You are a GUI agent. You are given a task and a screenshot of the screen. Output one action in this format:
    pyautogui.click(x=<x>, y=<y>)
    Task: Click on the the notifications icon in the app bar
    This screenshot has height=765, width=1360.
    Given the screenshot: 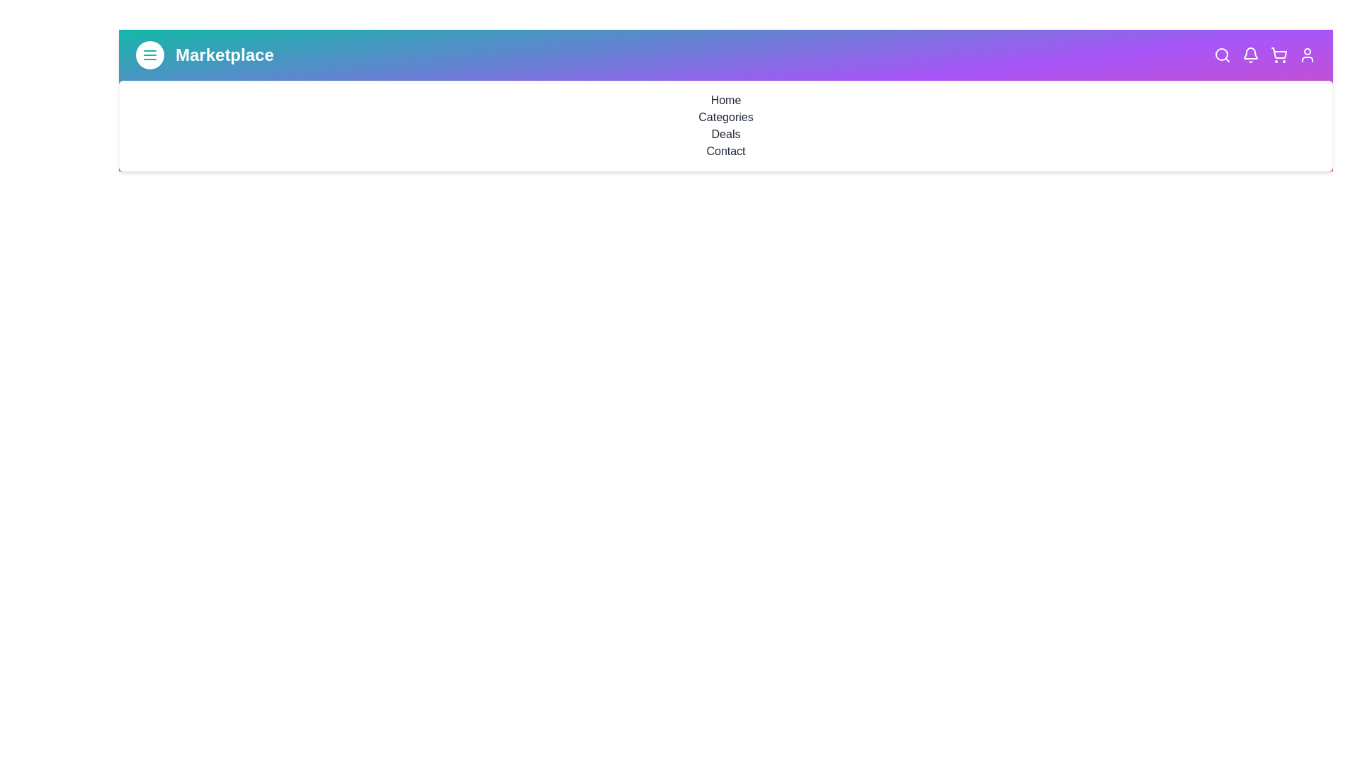 What is the action you would take?
    pyautogui.click(x=1251, y=54)
    